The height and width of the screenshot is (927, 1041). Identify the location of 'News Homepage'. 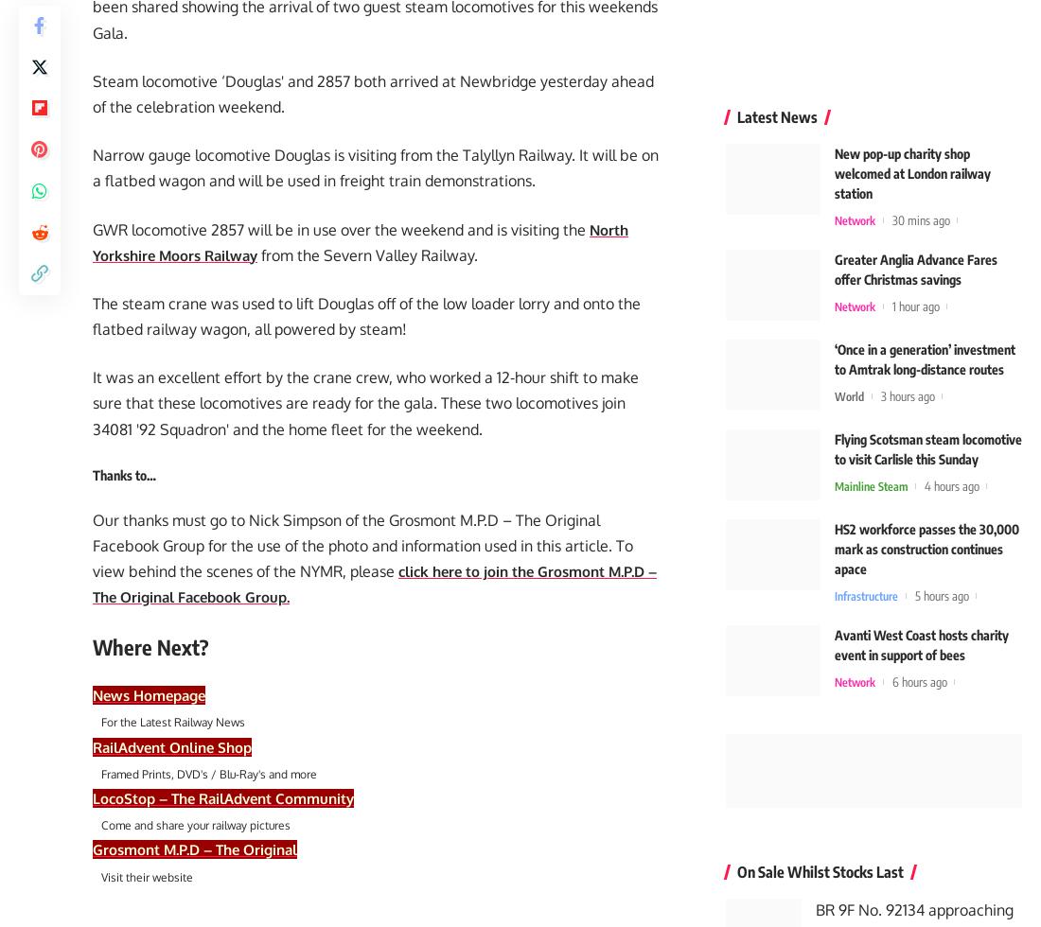
(153, 699).